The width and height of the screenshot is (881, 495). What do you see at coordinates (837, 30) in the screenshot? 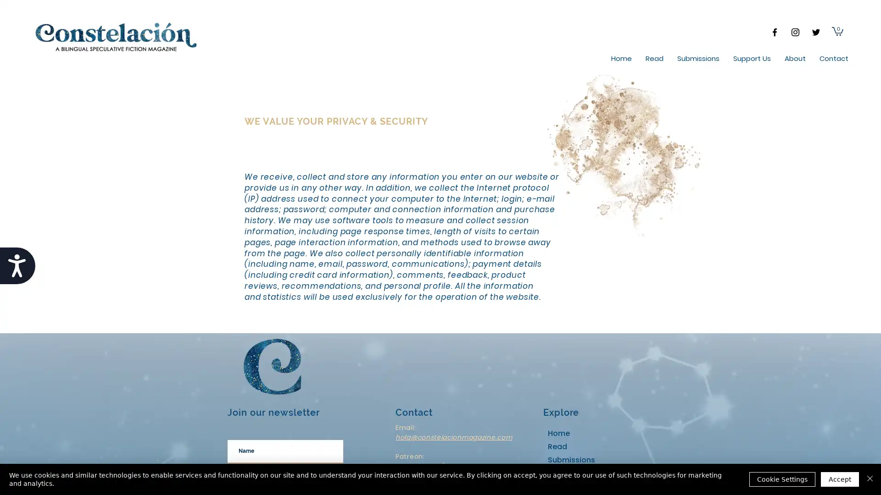
I see `Cart with 0 items` at bounding box center [837, 30].